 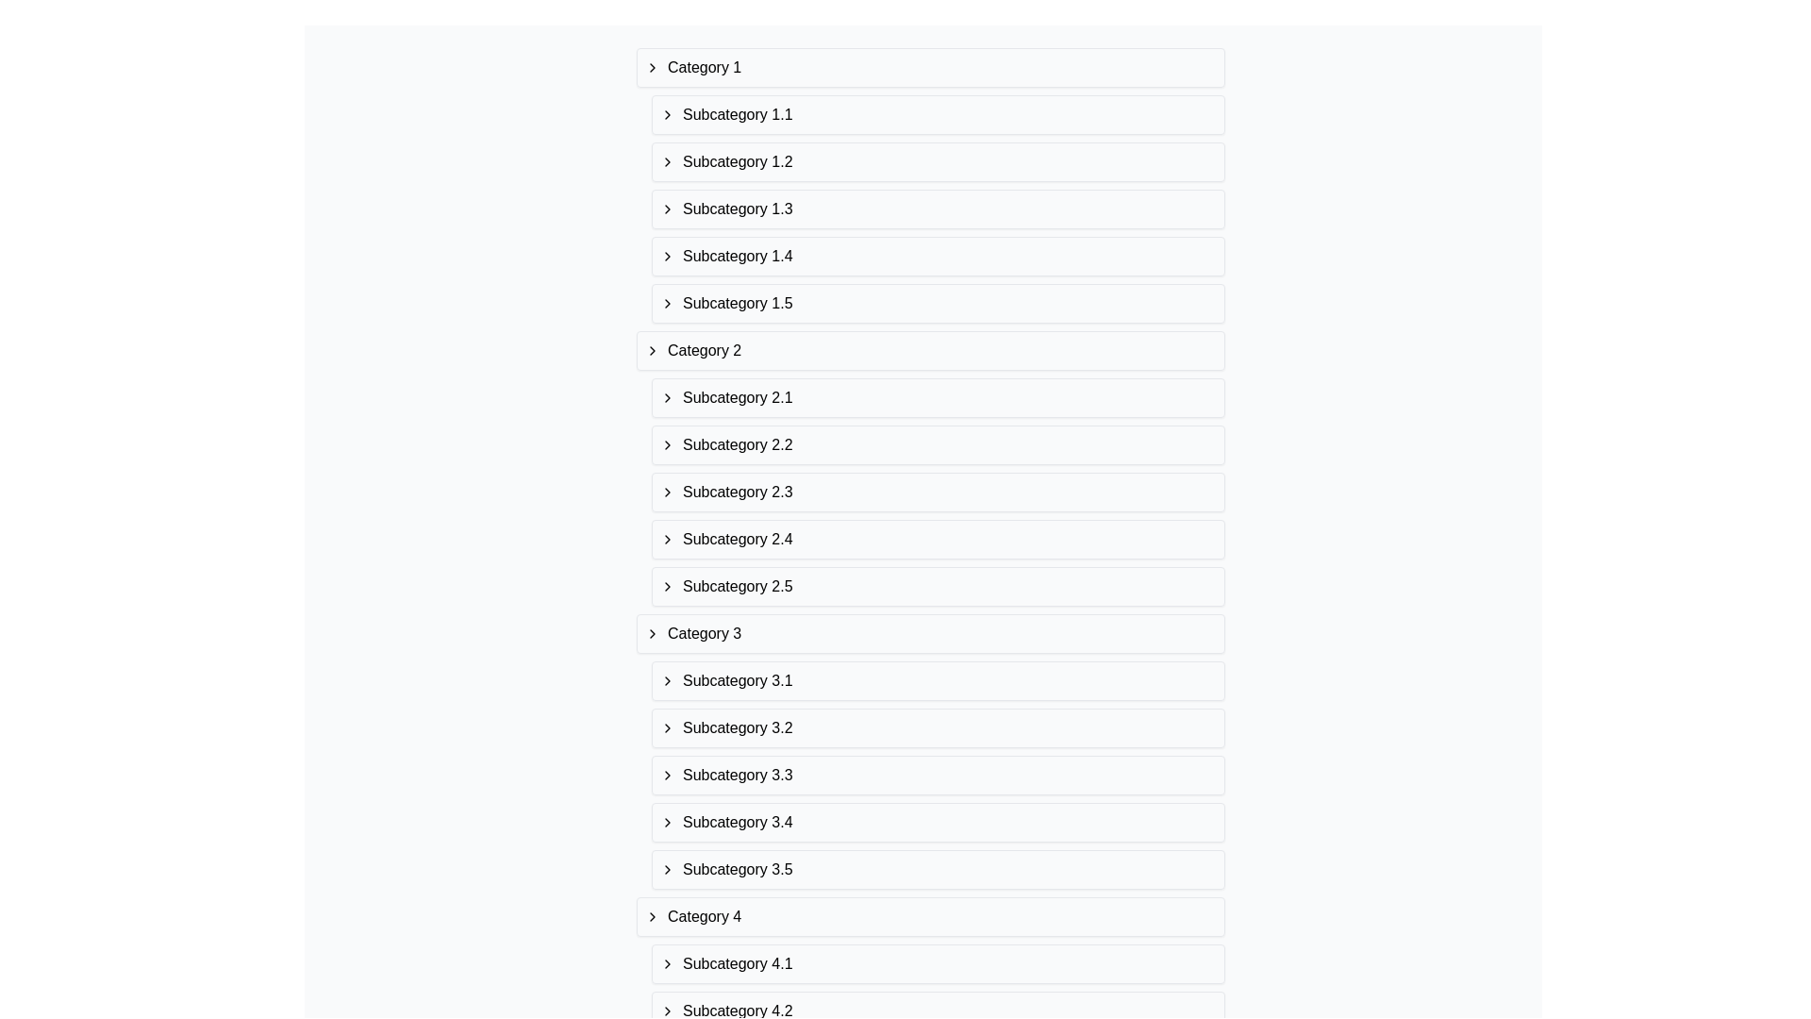 What do you see at coordinates (938, 869) in the screenshot?
I see `the Menu Item labeled 'Subcategory 3.5'` at bounding box center [938, 869].